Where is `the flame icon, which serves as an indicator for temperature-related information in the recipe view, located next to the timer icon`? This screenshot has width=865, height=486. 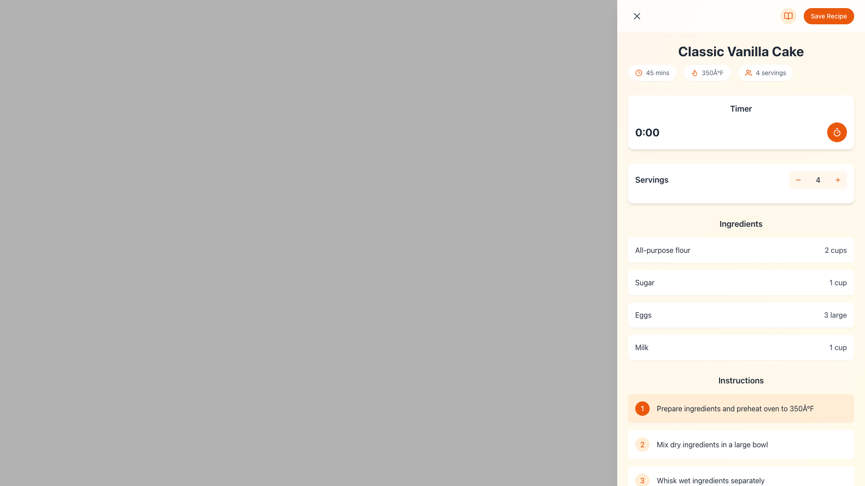
the flame icon, which serves as an indicator for temperature-related information in the recipe view, located next to the timer icon is located at coordinates (694, 72).